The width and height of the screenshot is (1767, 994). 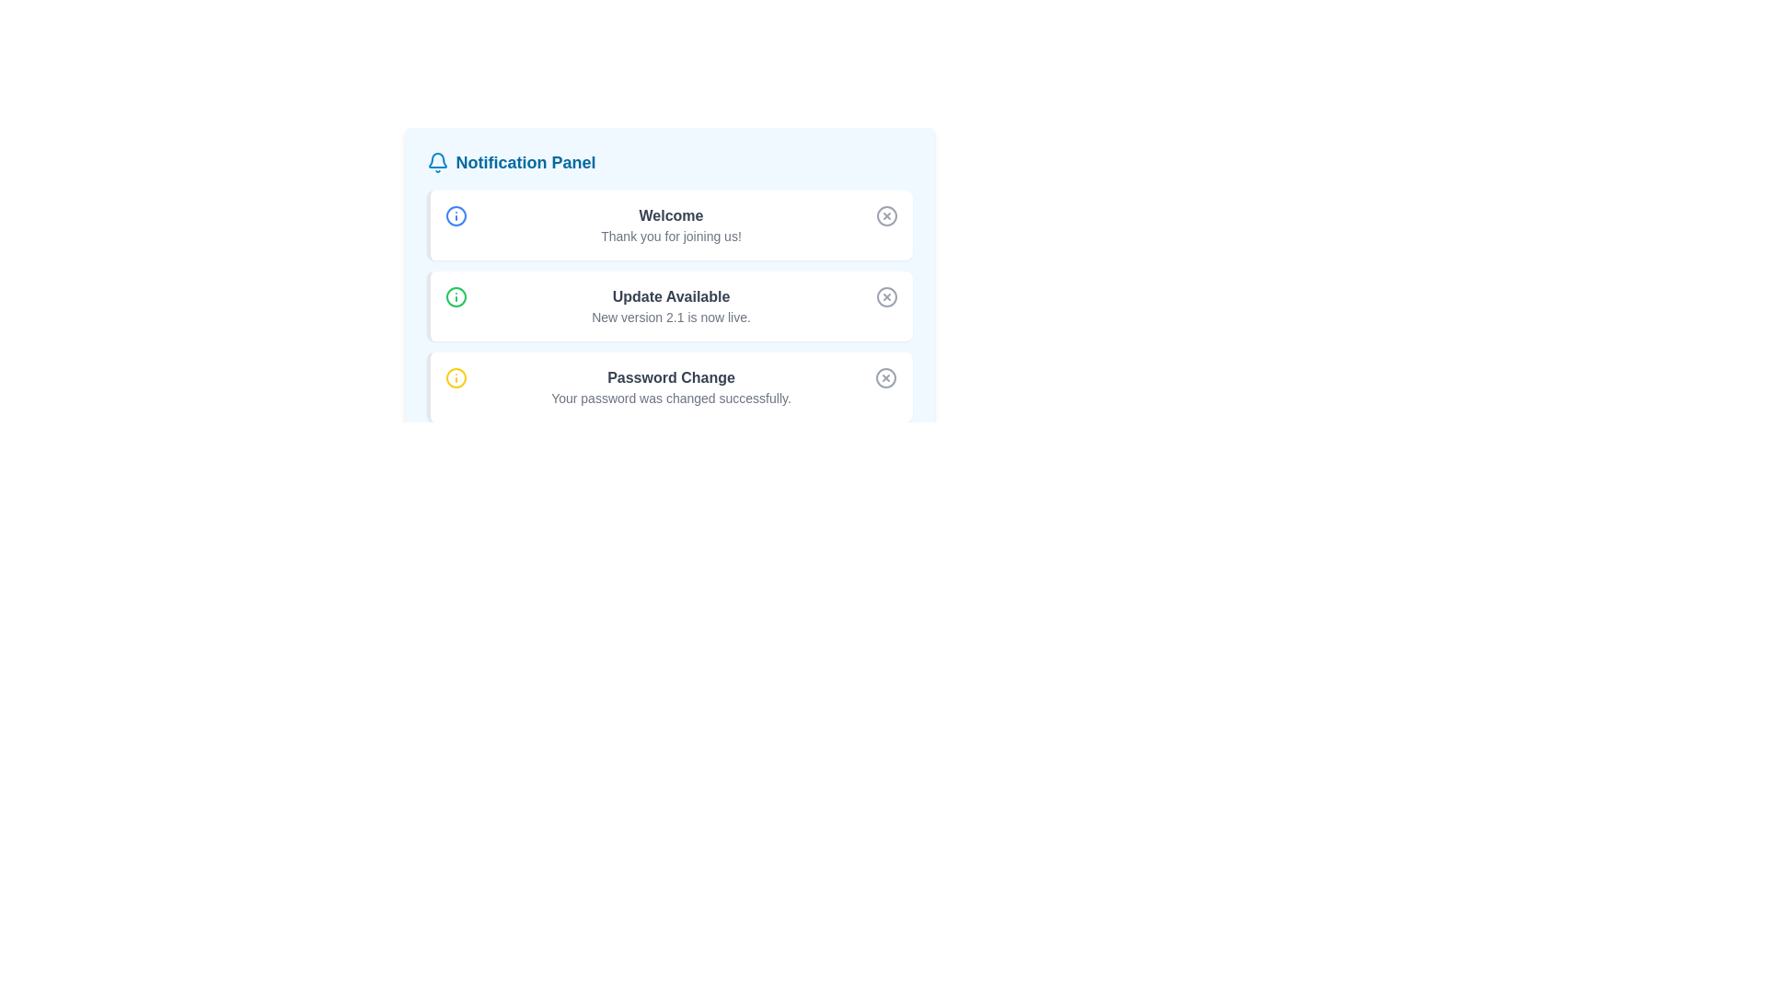 I want to click on the notification box displaying 'Update Available' with the message 'New version 2.1 is now live', so click(x=668, y=286).